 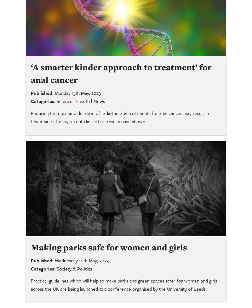 What do you see at coordinates (110, 247) in the screenshot?
I see `'Making parks safe for women and girls'` at bounding box center [110, 247].